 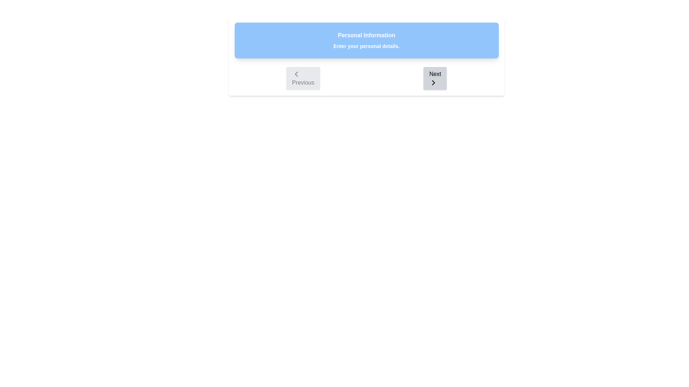 What do you see at coordinates (366, 46) in the screenshot?
I see `the text label that reads 'Enter your personal details.' which is styled with a smaller font size and positioned directly below the heading 'Personal Information' within a blue background` at bounding box center [366, 46].